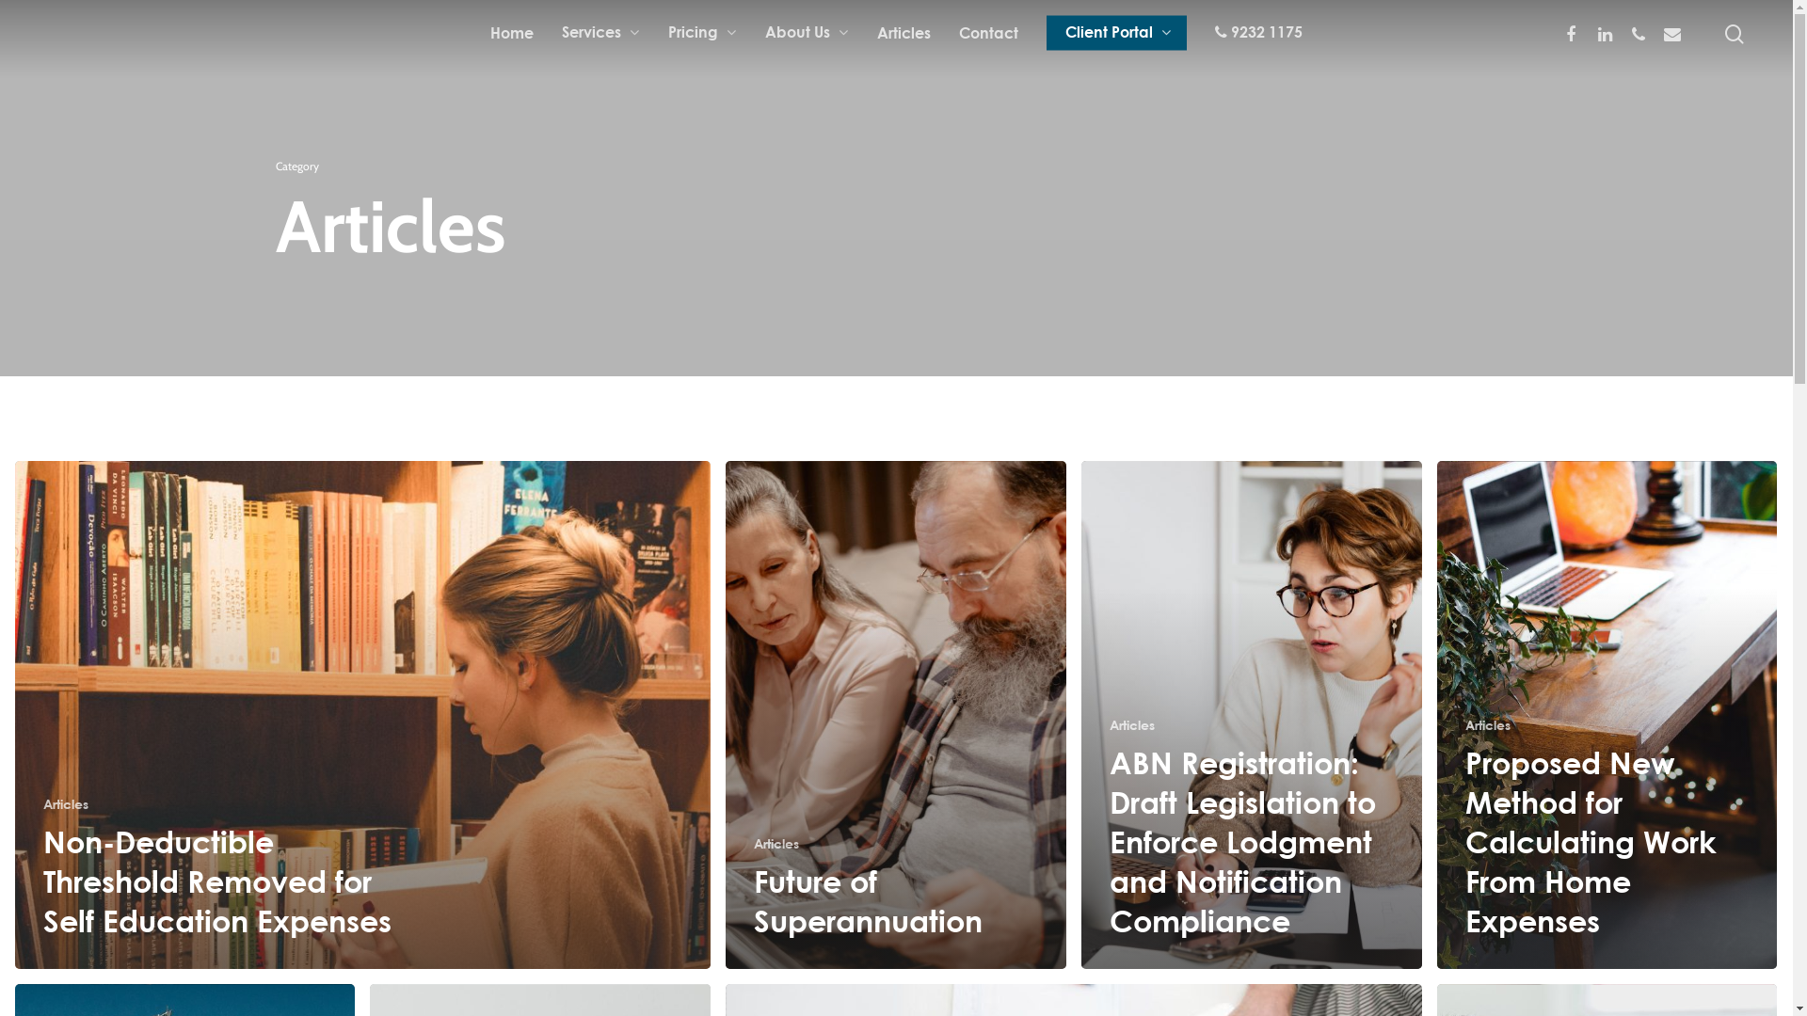 This screenshot has height=1016, width=1807. I want to click on 'Pricing', so click(701, 32).